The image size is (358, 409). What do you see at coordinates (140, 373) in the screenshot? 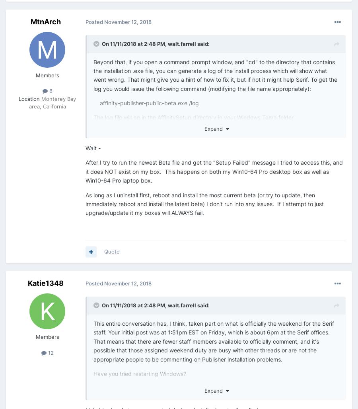
I see `'Have you tried restarting Windows?'` at bounding box center [140, 373].